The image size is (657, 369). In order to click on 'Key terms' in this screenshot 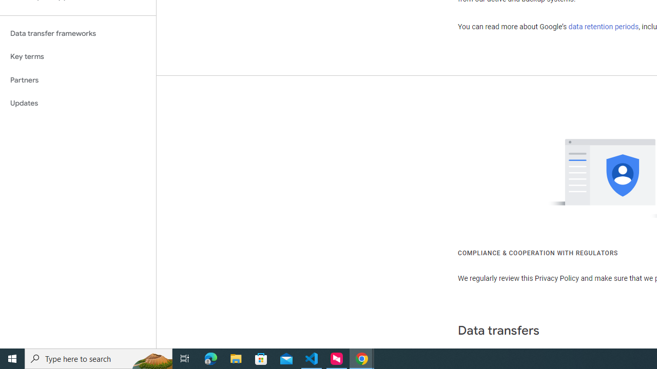, I will do `click(78, 56)`.